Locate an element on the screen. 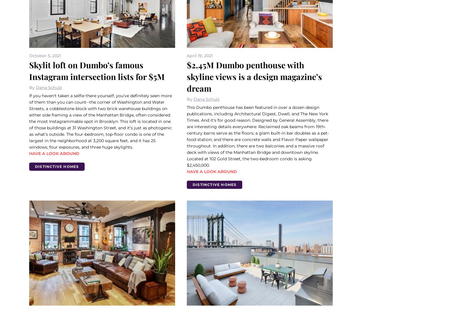  'October 5, 2021' is located at coordinates (45, 55).